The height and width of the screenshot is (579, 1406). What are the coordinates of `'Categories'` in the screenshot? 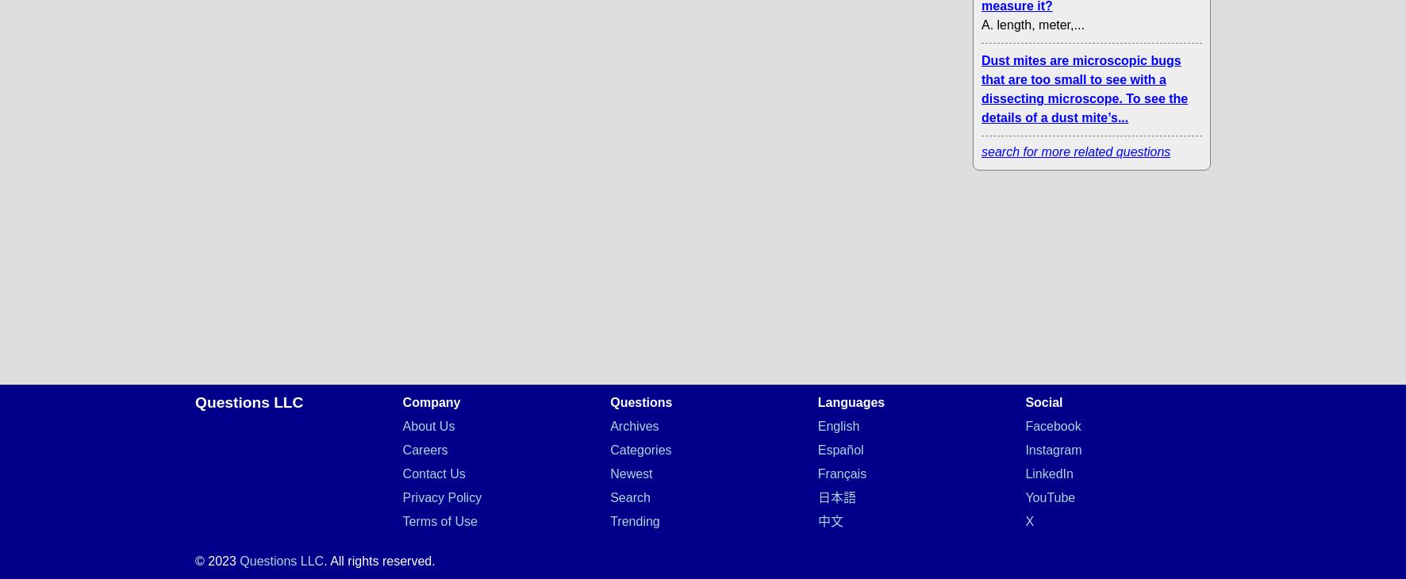 It's located at (640, 450).